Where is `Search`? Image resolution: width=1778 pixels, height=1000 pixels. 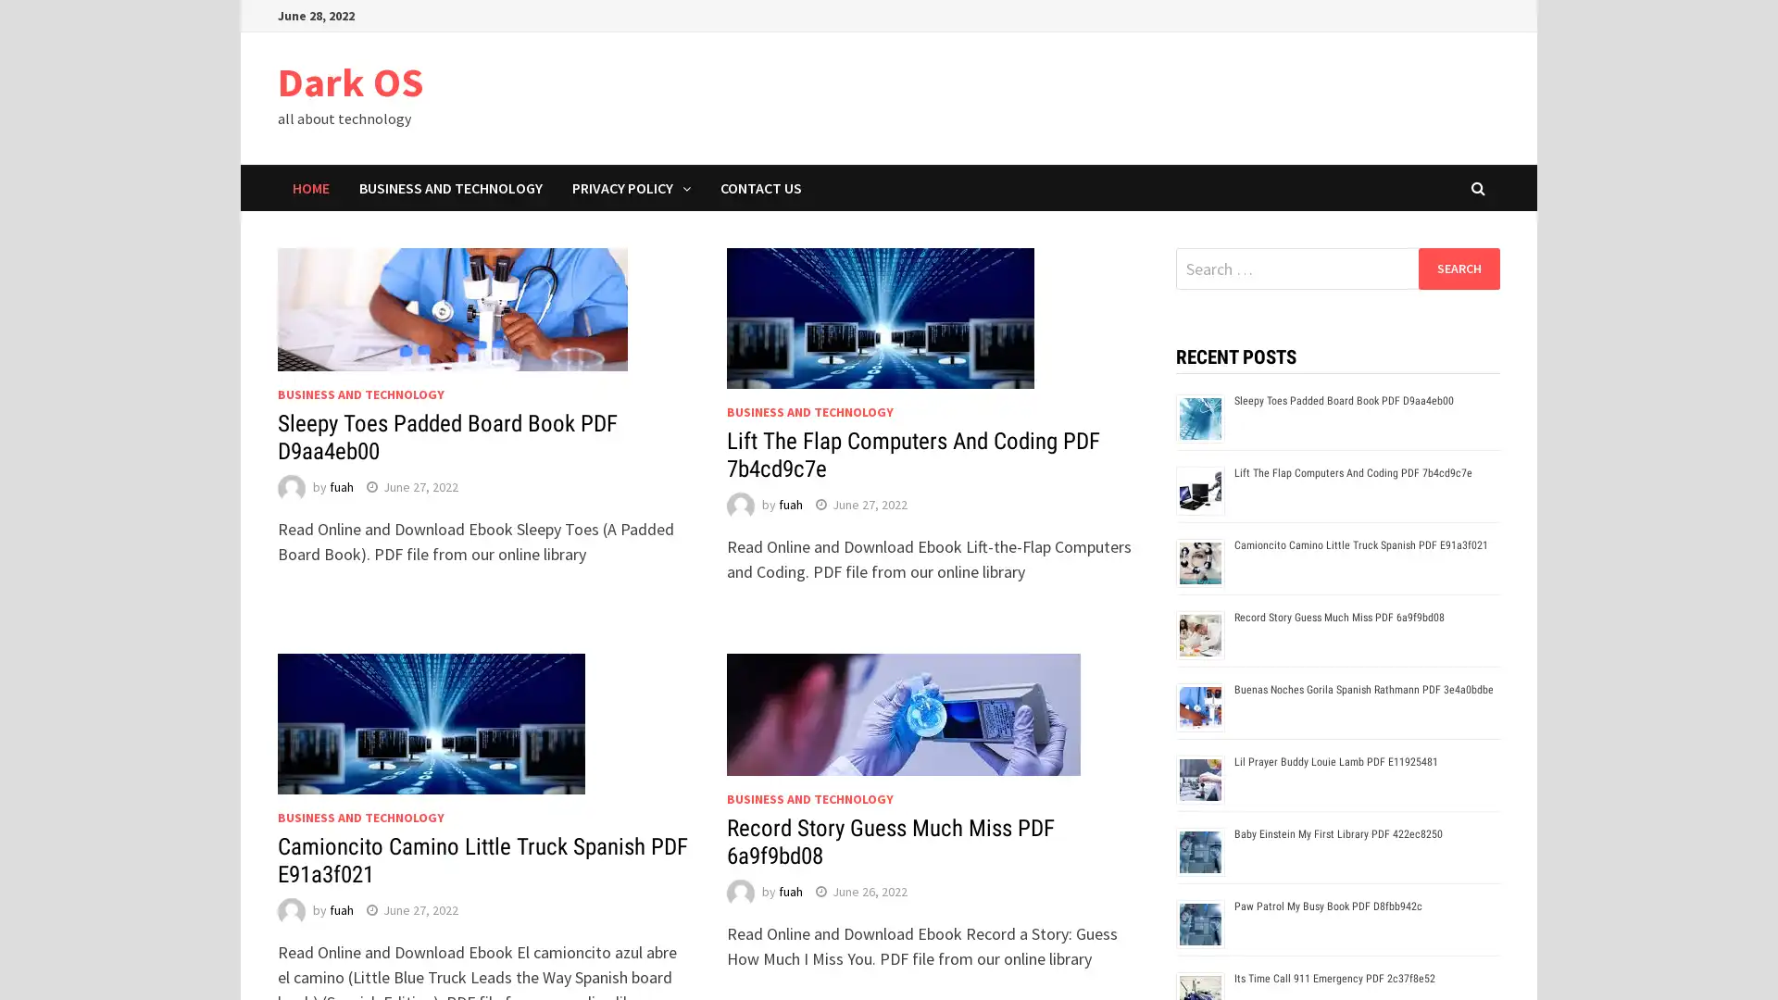
Search is located at coordinates (1458, 268).